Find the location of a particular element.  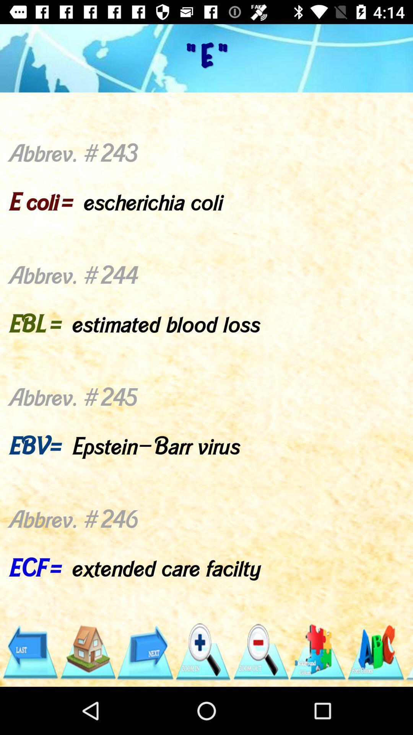

the app below the abbrev 	243	 	e icon is located at coordinates (145, 652).